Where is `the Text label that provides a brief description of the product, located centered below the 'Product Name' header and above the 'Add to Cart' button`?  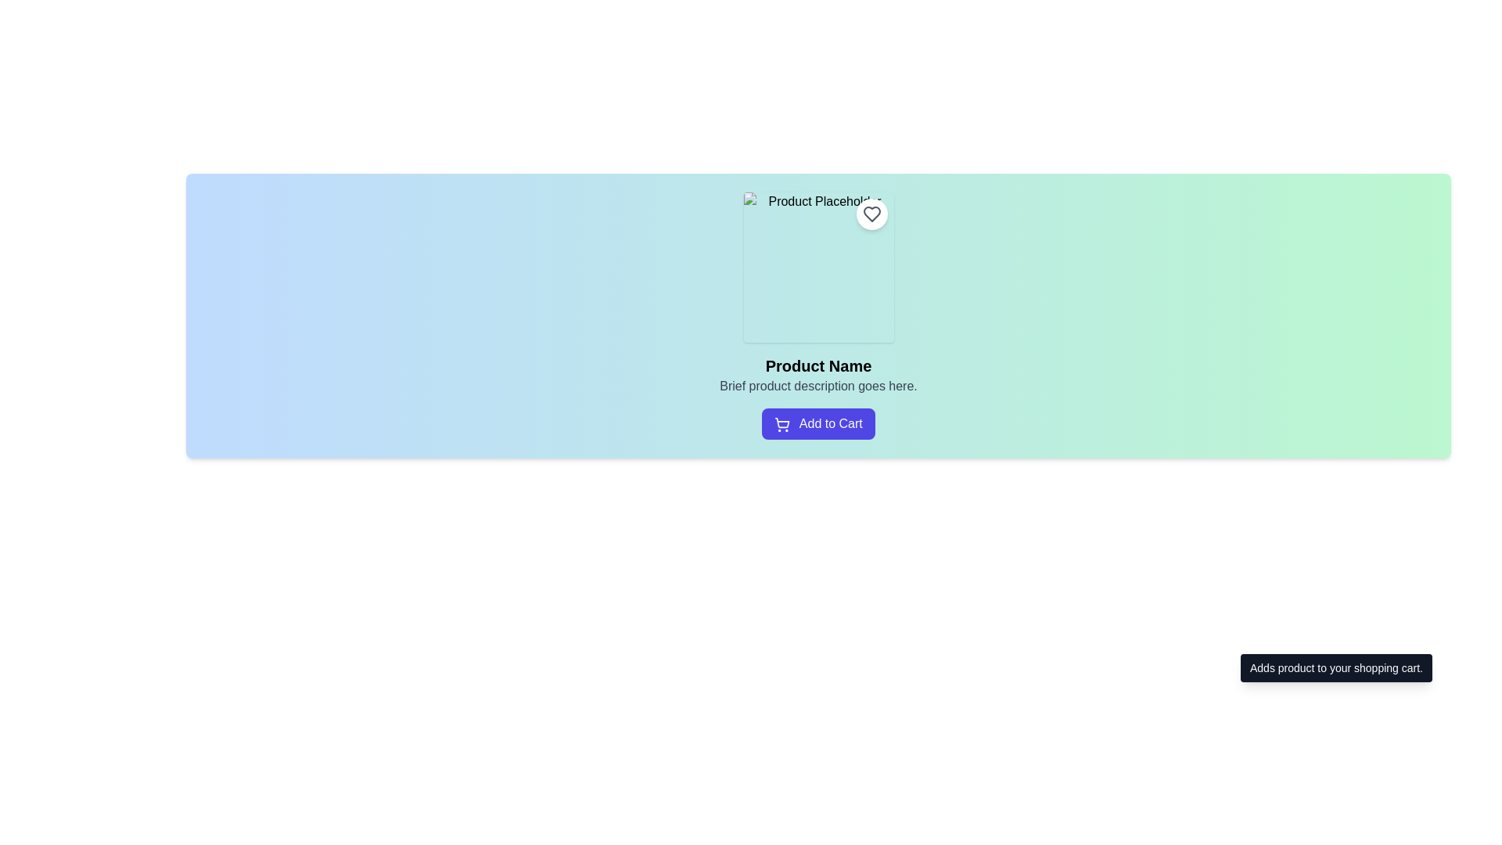
the Text label that provides a brief description of the product, located centered below the 'Product Name' header and above the 'Add to Cart' button is located at coordinates (817, 386).